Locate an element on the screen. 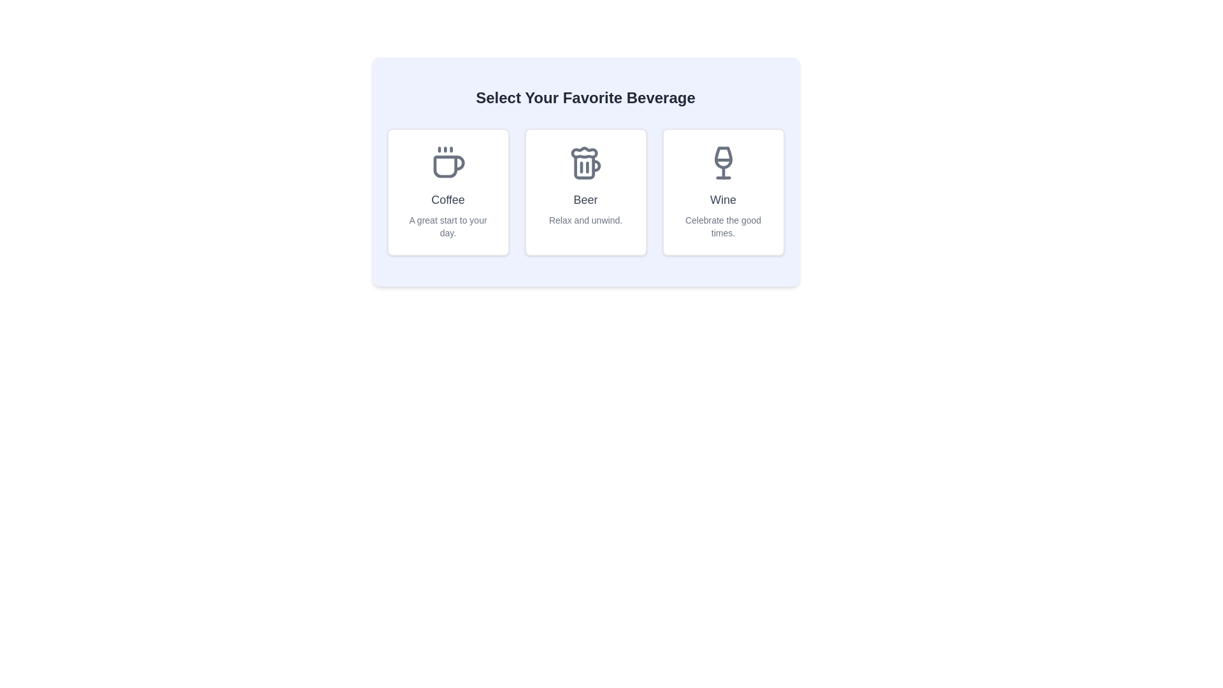 This screenshot has height=688, width=1223. the textual label displaying 'Relax and unwind.' located at the bottom of the 'Beer' card, which is styled in a small, gray font and aligned centrally is located at coordinates (585, 220).